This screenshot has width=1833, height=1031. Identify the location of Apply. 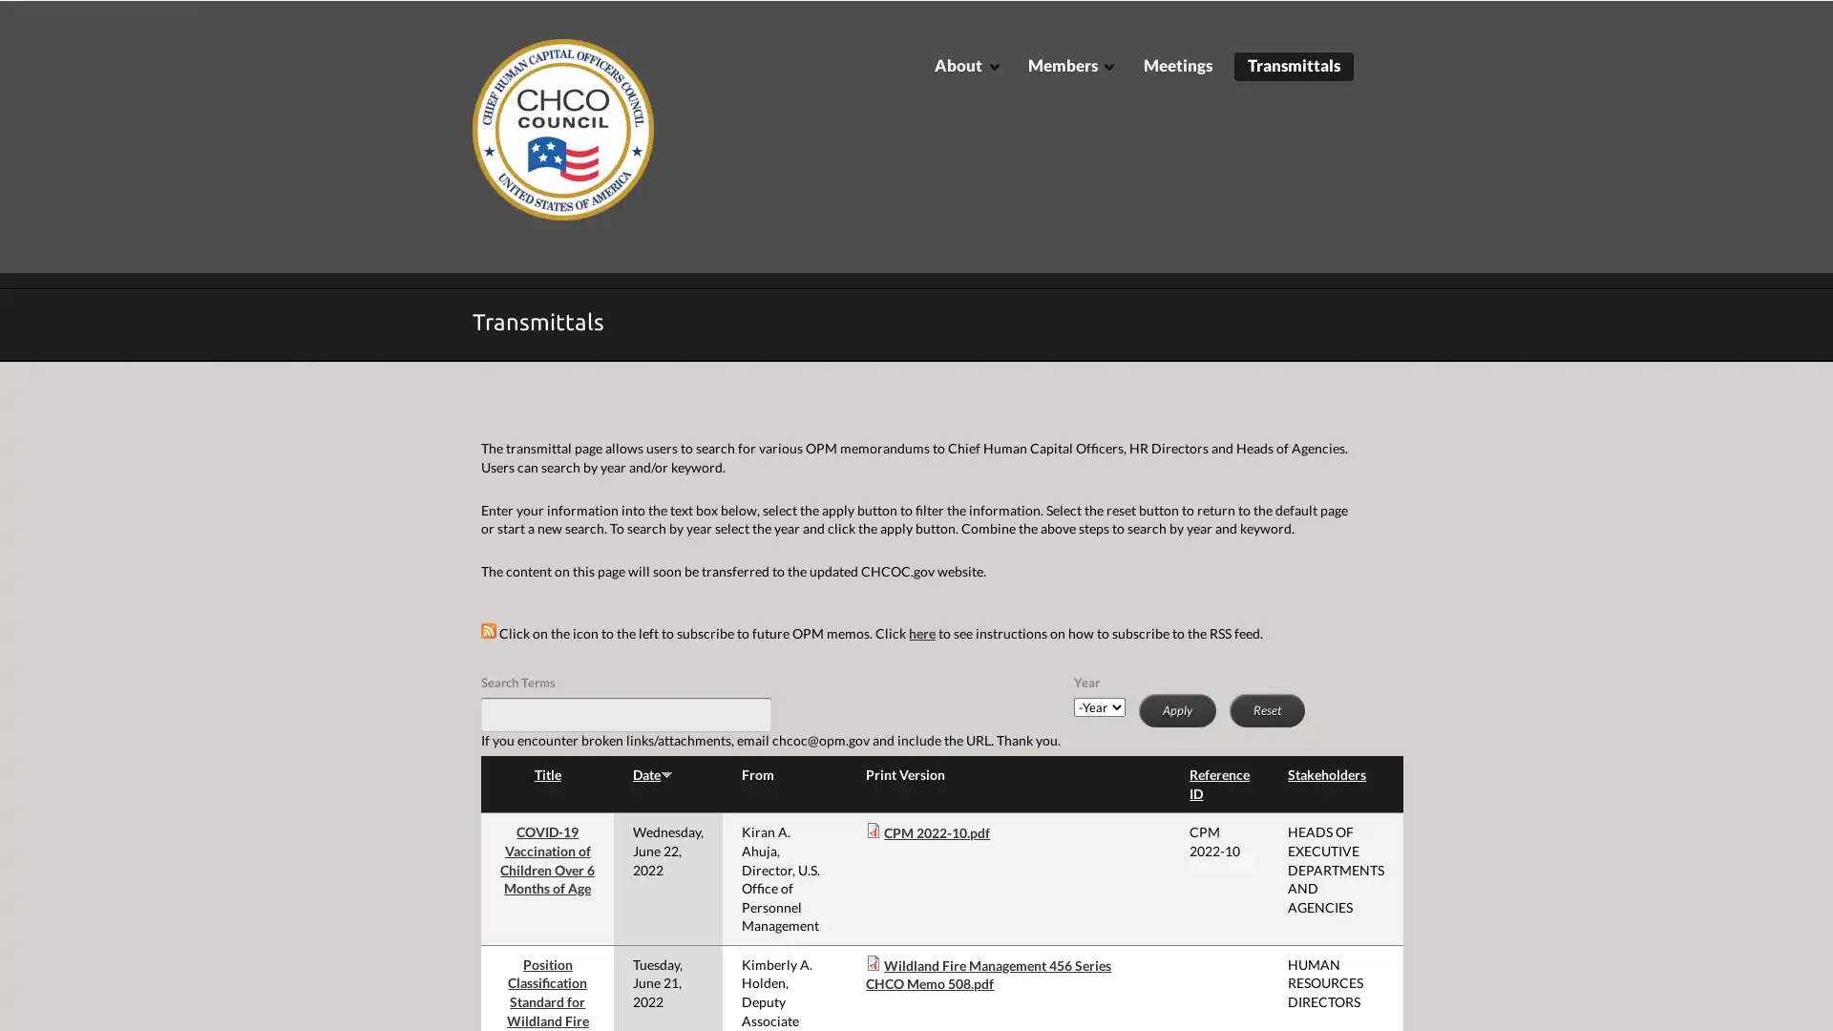
(1176, 710).